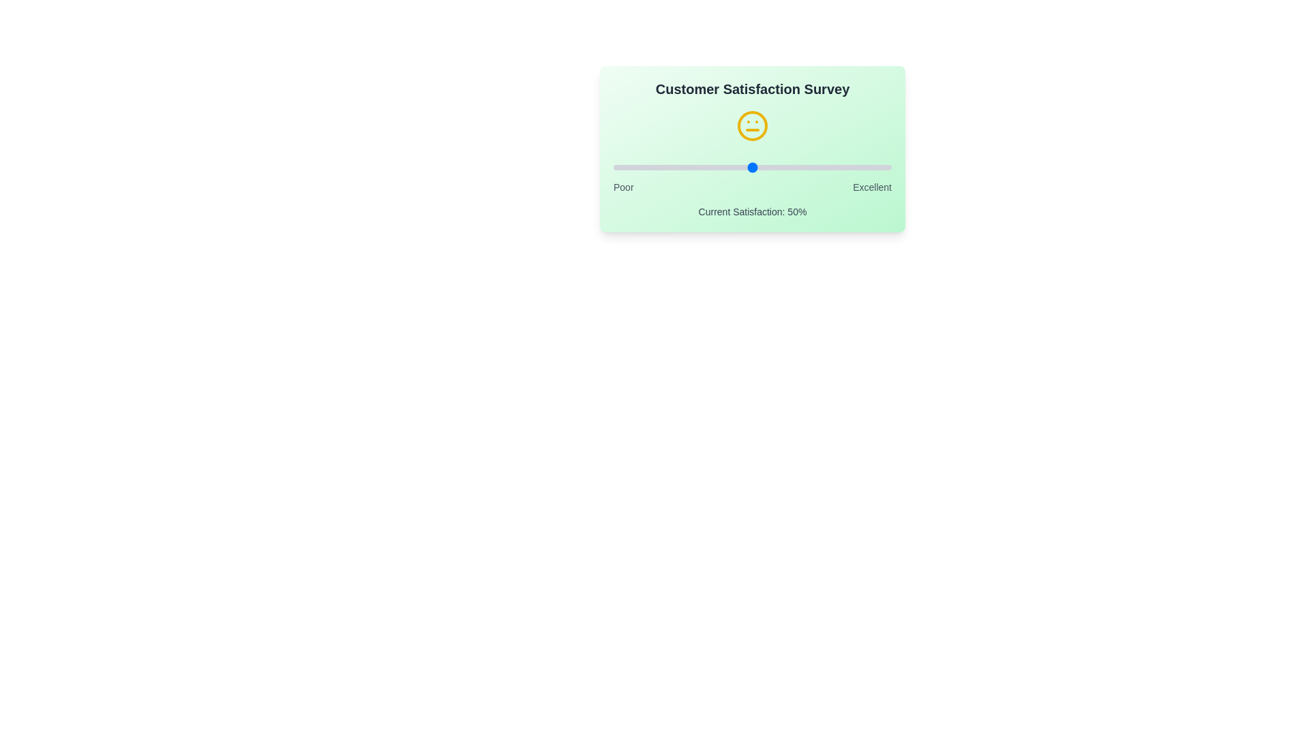  I want to click on the satisfaction slider to 20%, so click(669, 167).